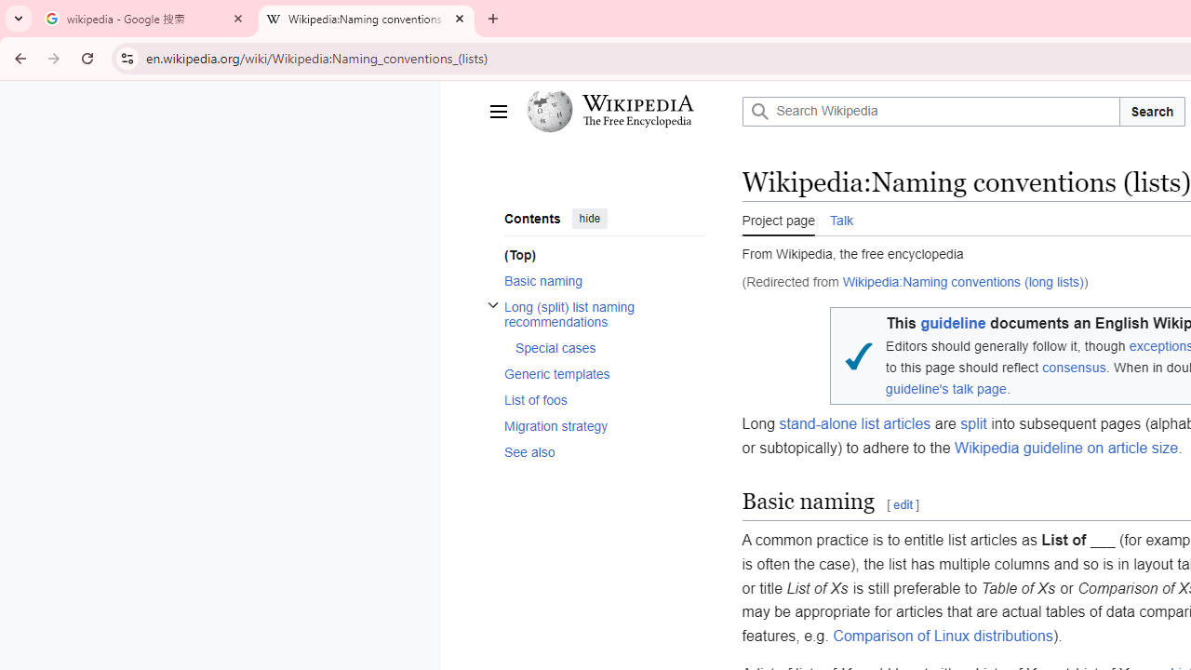 Image resolution: width=1191 pixels, height=670 pixels. What do you see at coordinates (779, 217) in the screenshot?
I see `'AutomationID: ca-nstab-project'` at bounding box center [779, 217].